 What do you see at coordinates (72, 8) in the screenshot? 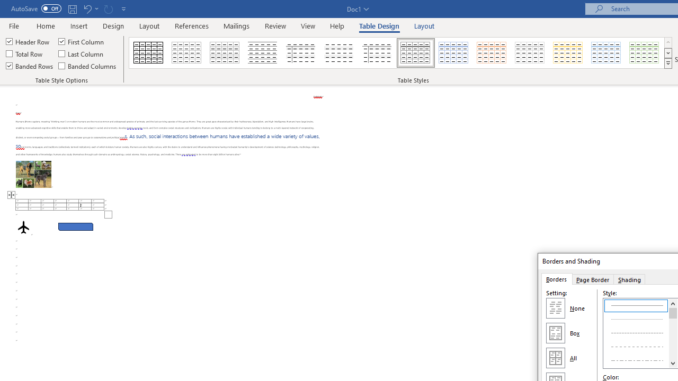
I see `'Save'` at bounding box center [72, 8].